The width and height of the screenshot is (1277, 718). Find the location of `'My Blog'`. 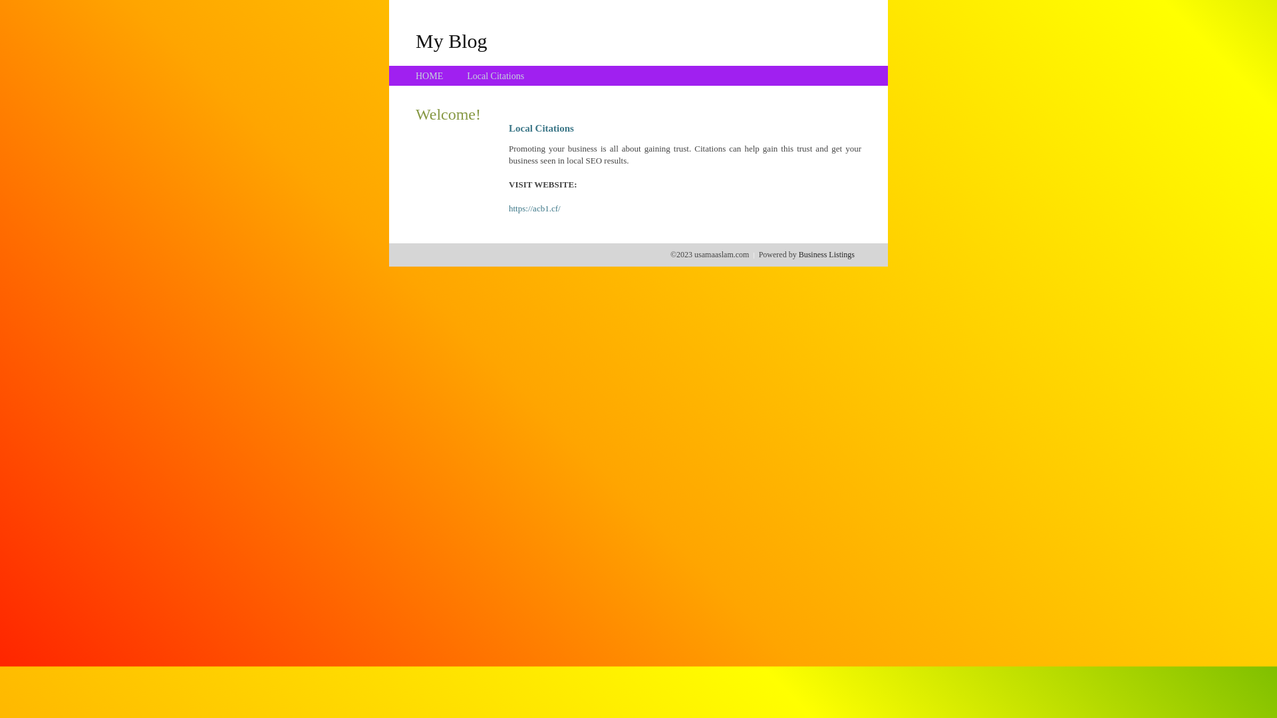

'My Blog' is located at coordinates (451, 40).